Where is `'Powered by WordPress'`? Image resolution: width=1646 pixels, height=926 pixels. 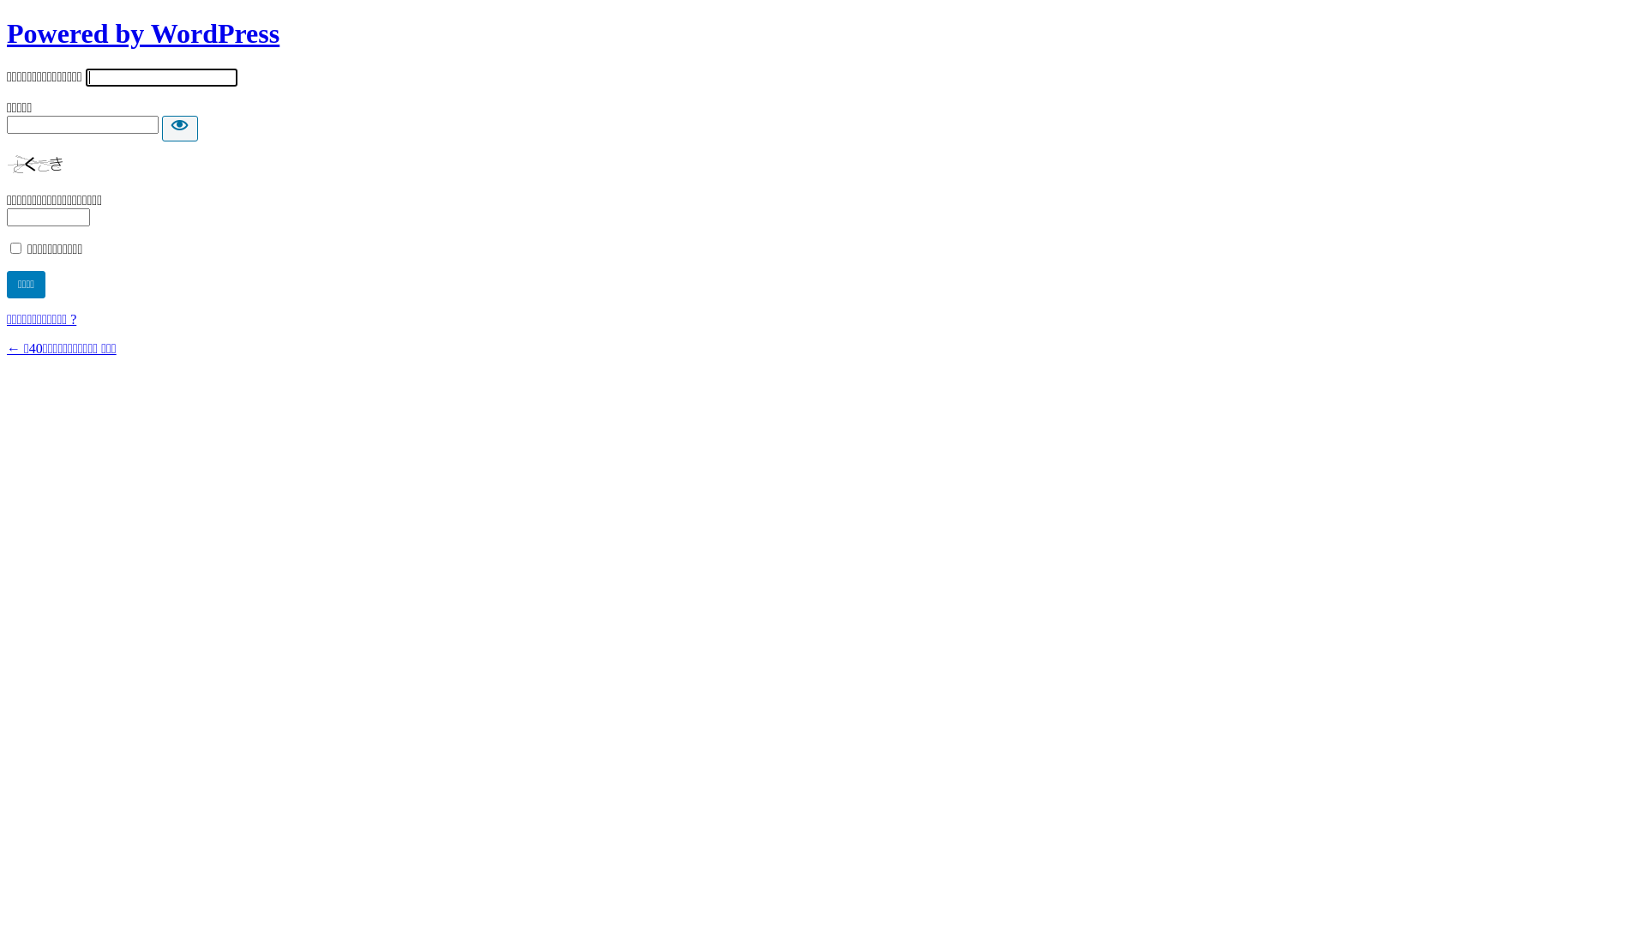 'Powered by WordPress' is located at coordinates (143, 33).